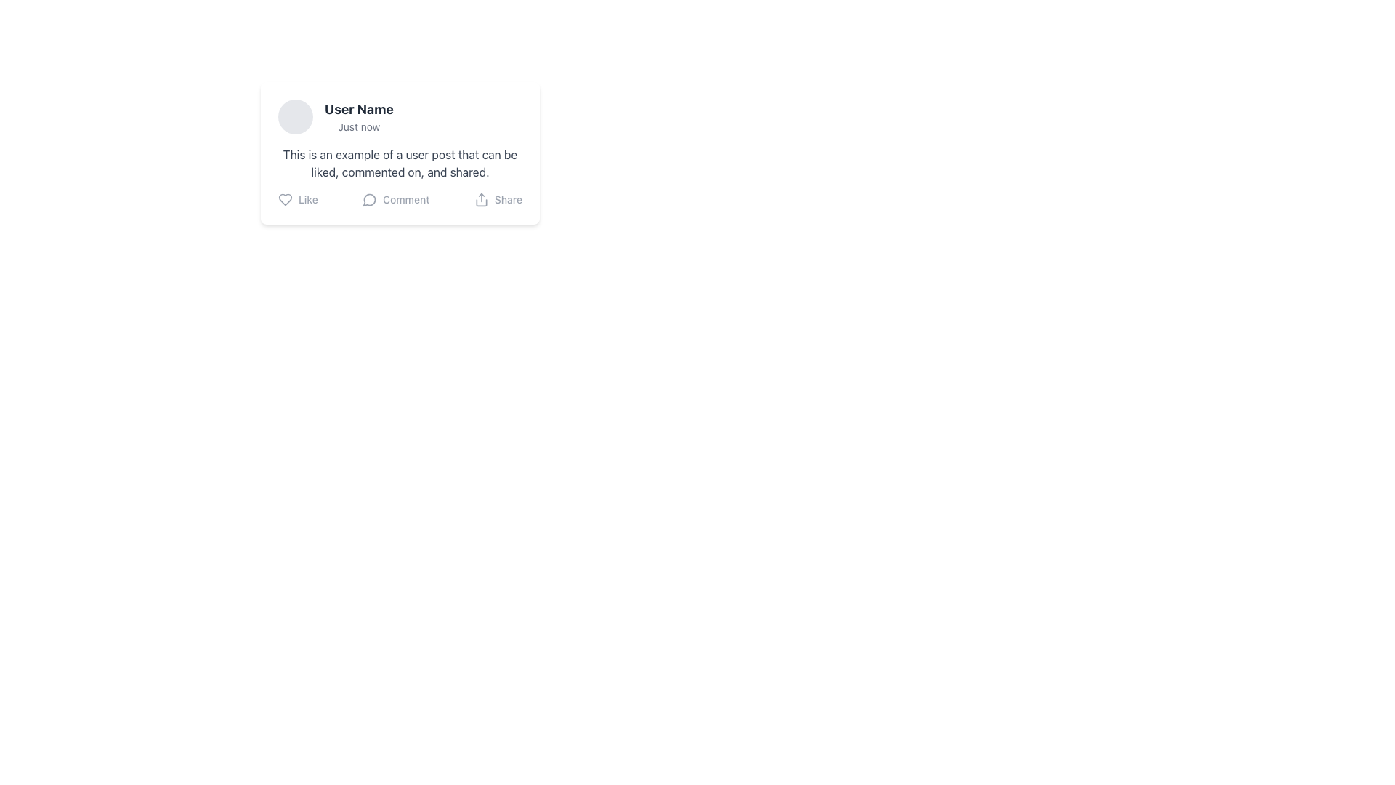  Describe the element at coordinates (297, 199) in the screenshot. I see `the 'Like' button, which is a small interactive text label next to a heart-shaped icon, positioned first in a row of buttons below the post content` at that location.